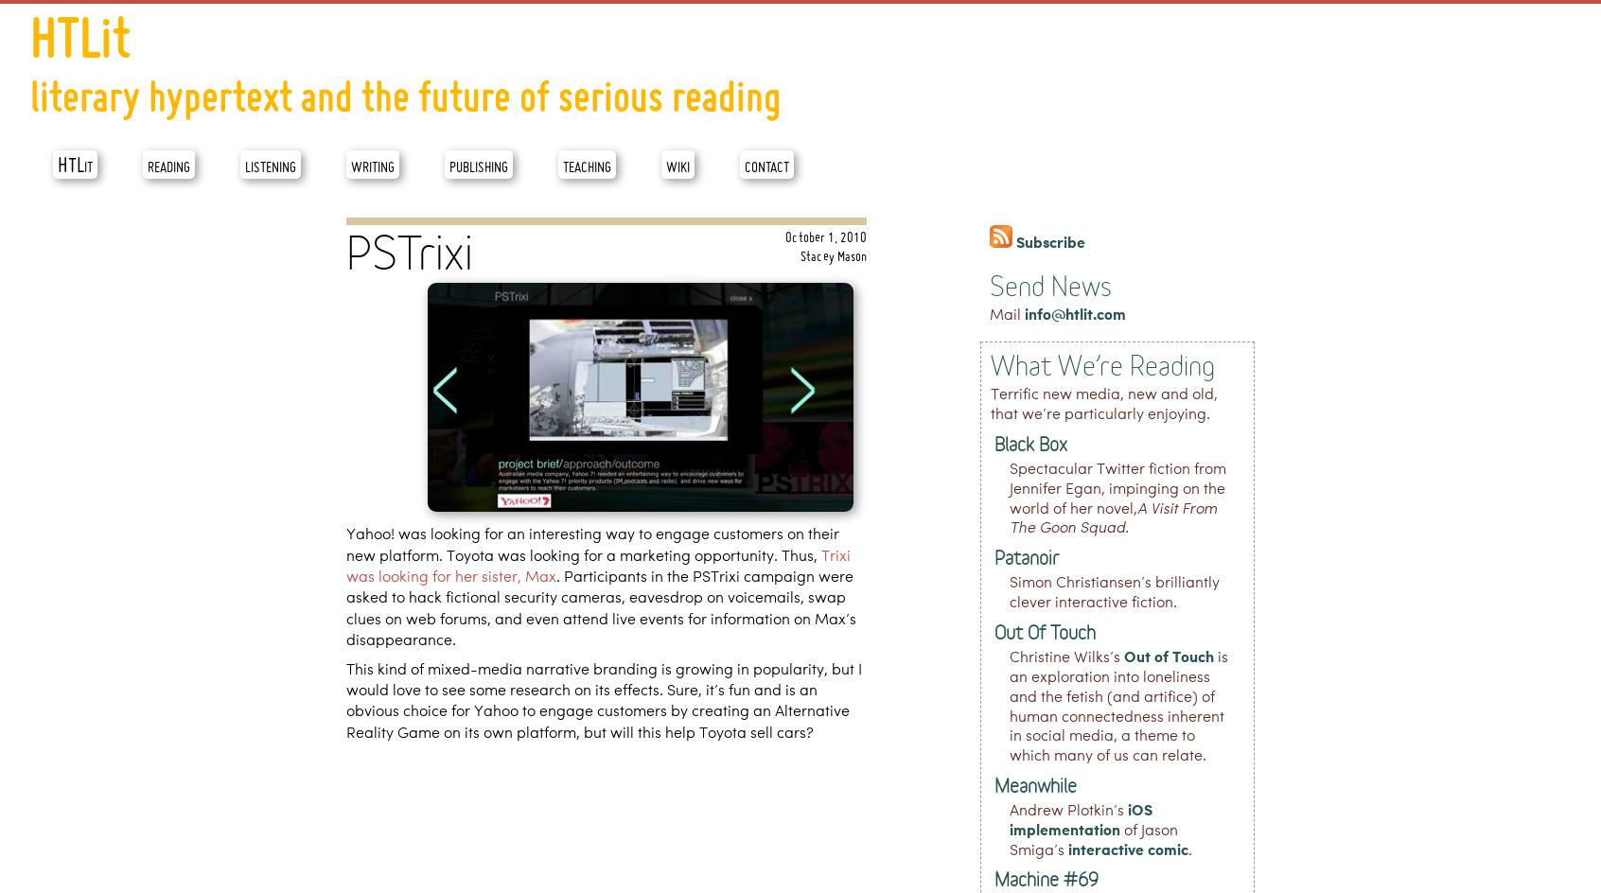 Image resolution: width=1601 pixels, height=893 pixels. What do you see at coordinates (990, 404) in the screenshot?
I see `'Terrific new media, new and old, that we’re particularly enjoying.'` at bounding box center [990, 404].